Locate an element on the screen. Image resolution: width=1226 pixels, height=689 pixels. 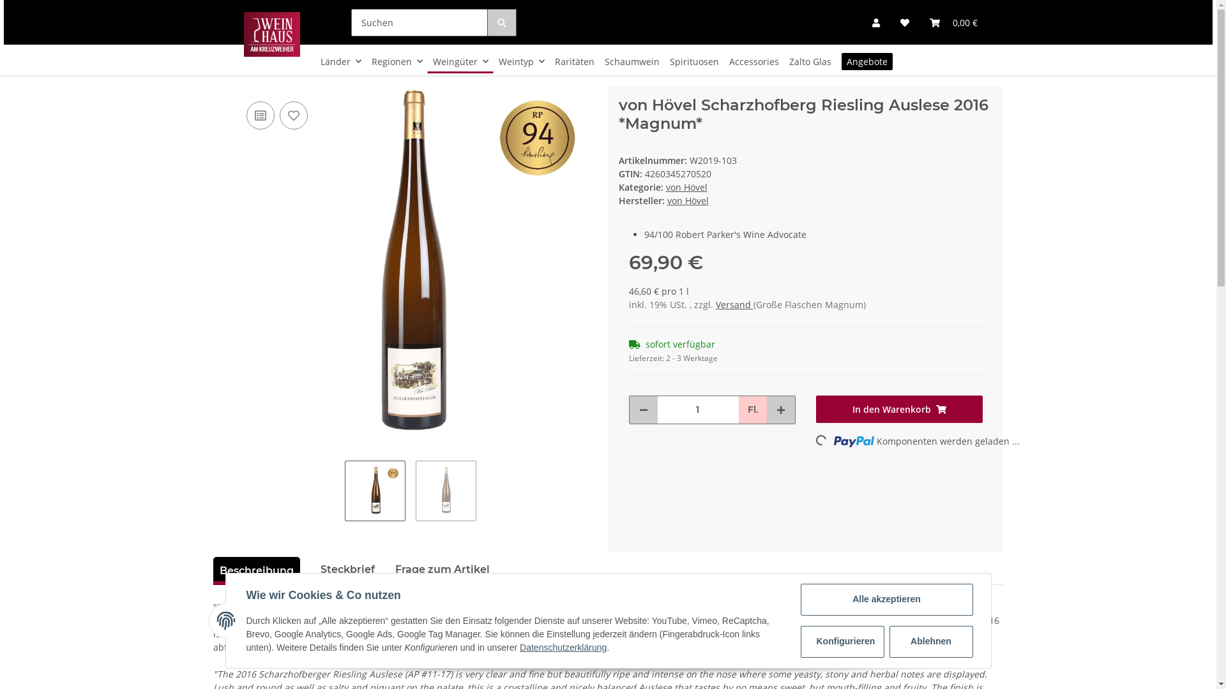
'Zalto Glas' is located at coordinates (809, 61).